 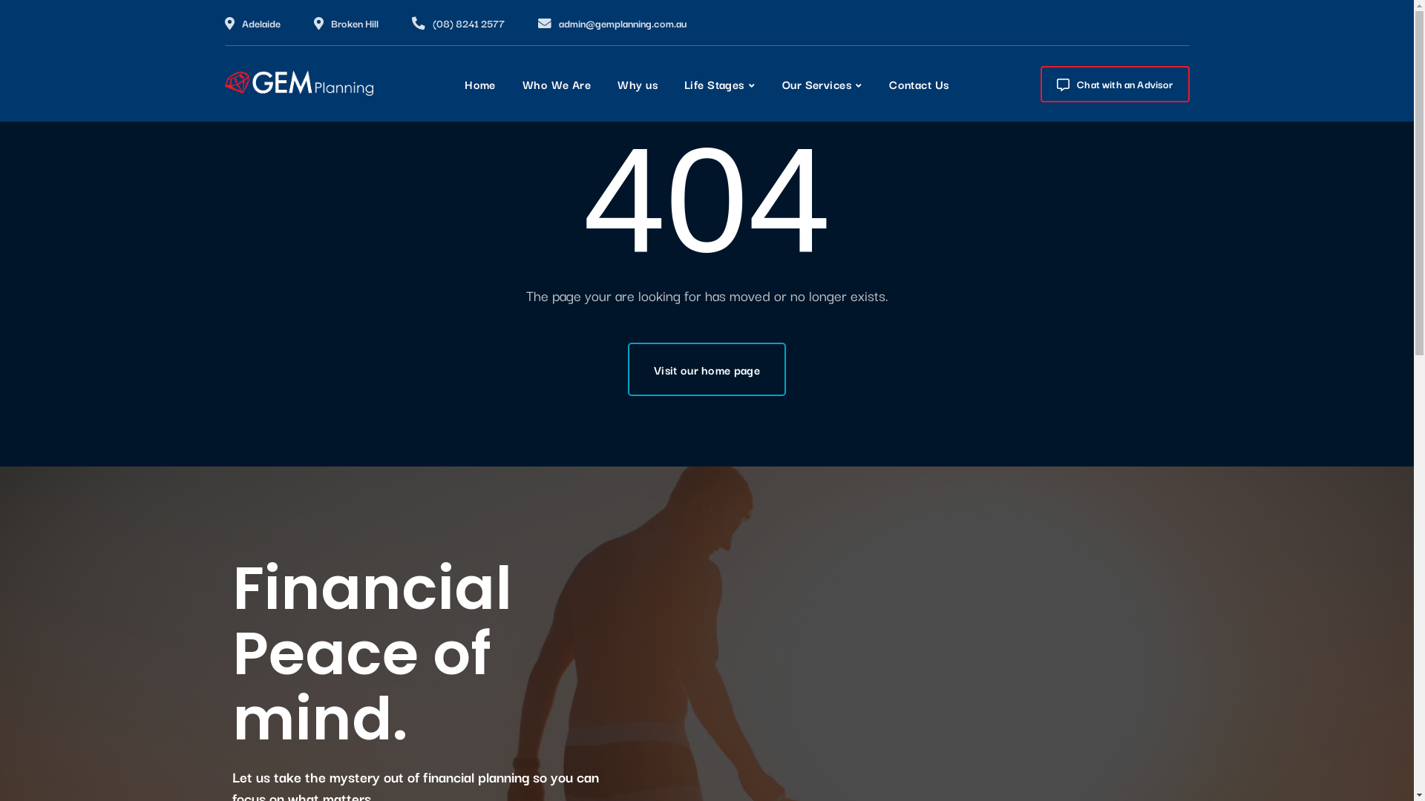 What do you see at coordinates (822, 83) in the screenshot?
I see `'Our Services'` at bounding box center [822, 83].